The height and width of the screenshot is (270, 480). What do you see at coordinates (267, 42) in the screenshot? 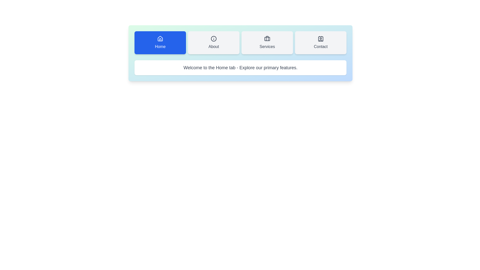
I see `the 'Services' button, which is a rectangular button with rounded corners, light gray background, featuring a briefcase icon and the label 'Services' centered below it` at bounding box center [267, 42].